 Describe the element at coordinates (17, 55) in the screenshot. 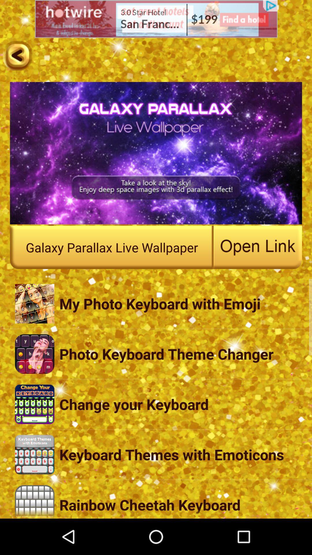

I see `previous` at that location.